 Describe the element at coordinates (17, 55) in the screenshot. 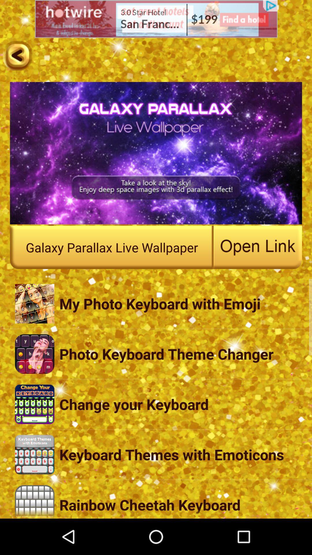

I see `previous` at that location.